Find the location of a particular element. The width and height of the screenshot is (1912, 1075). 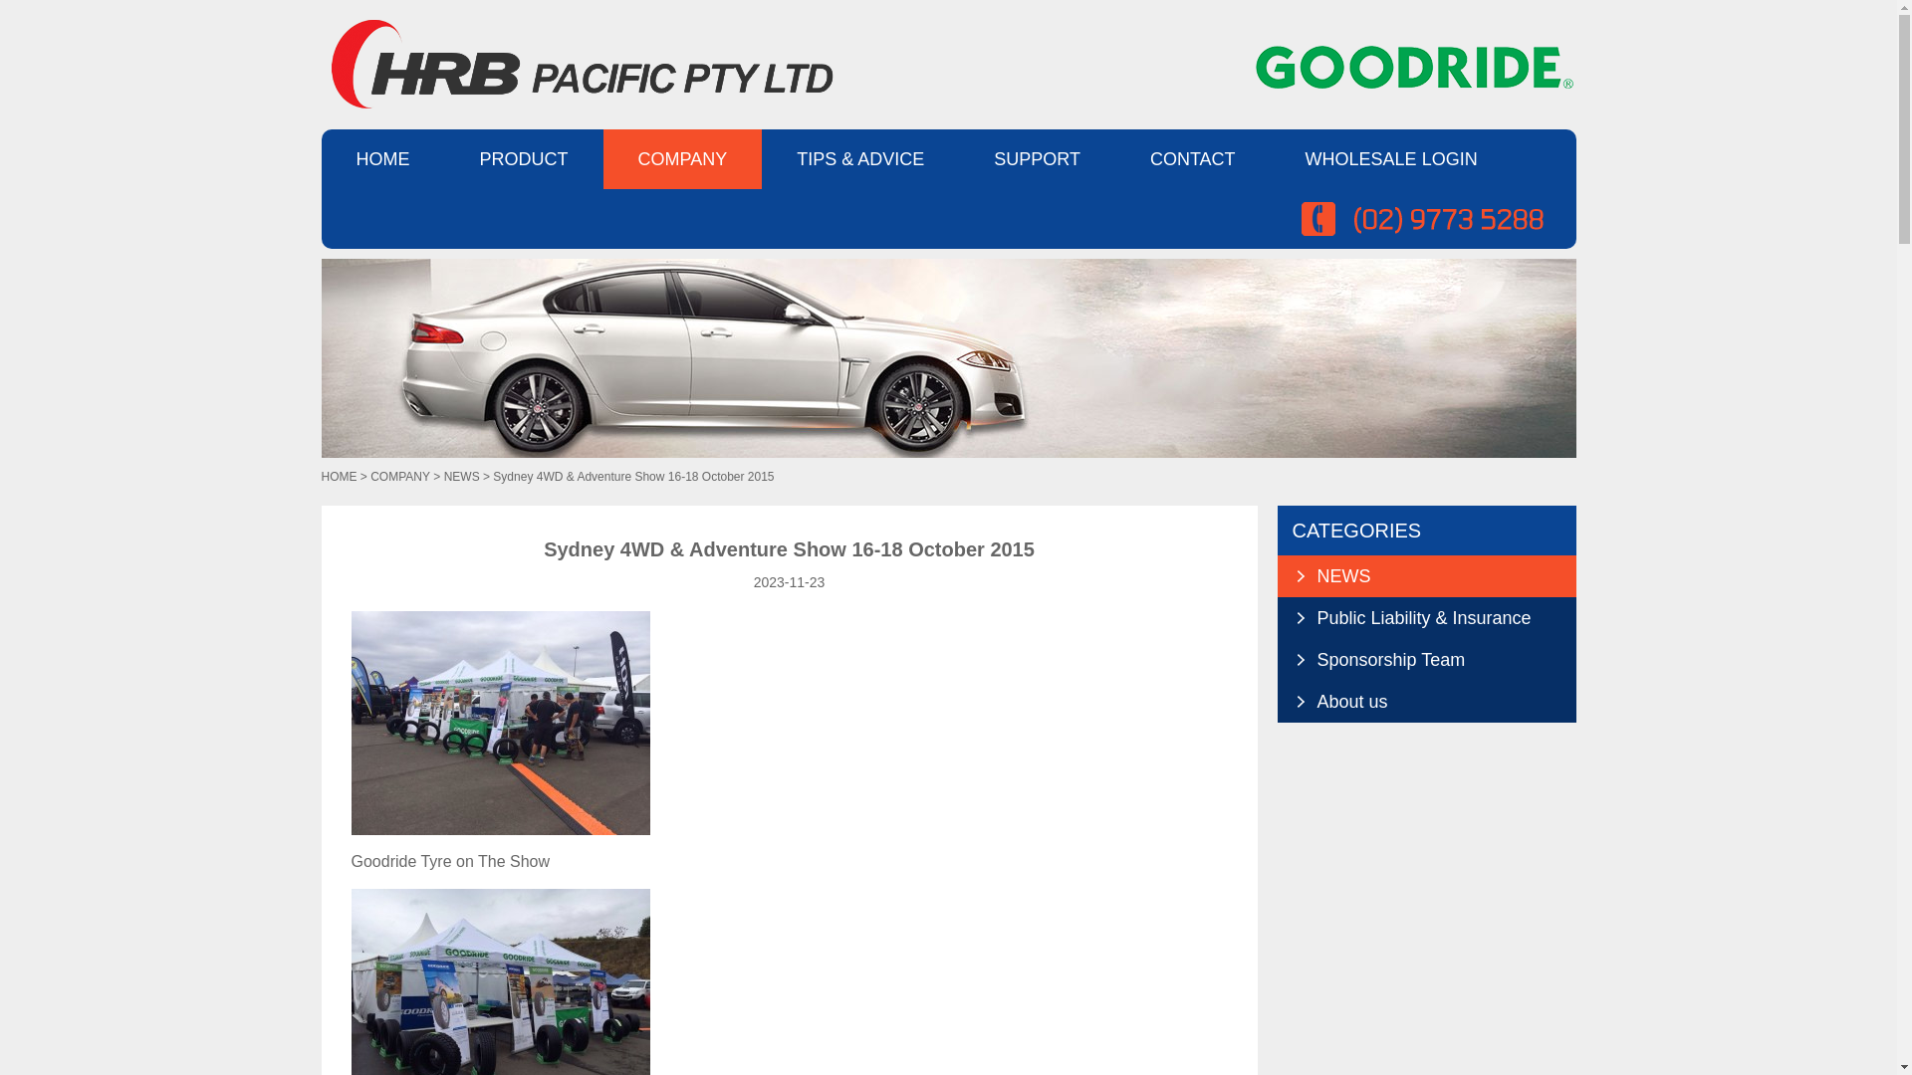

'SUPPORT' is located at coordinates (1036, 157).